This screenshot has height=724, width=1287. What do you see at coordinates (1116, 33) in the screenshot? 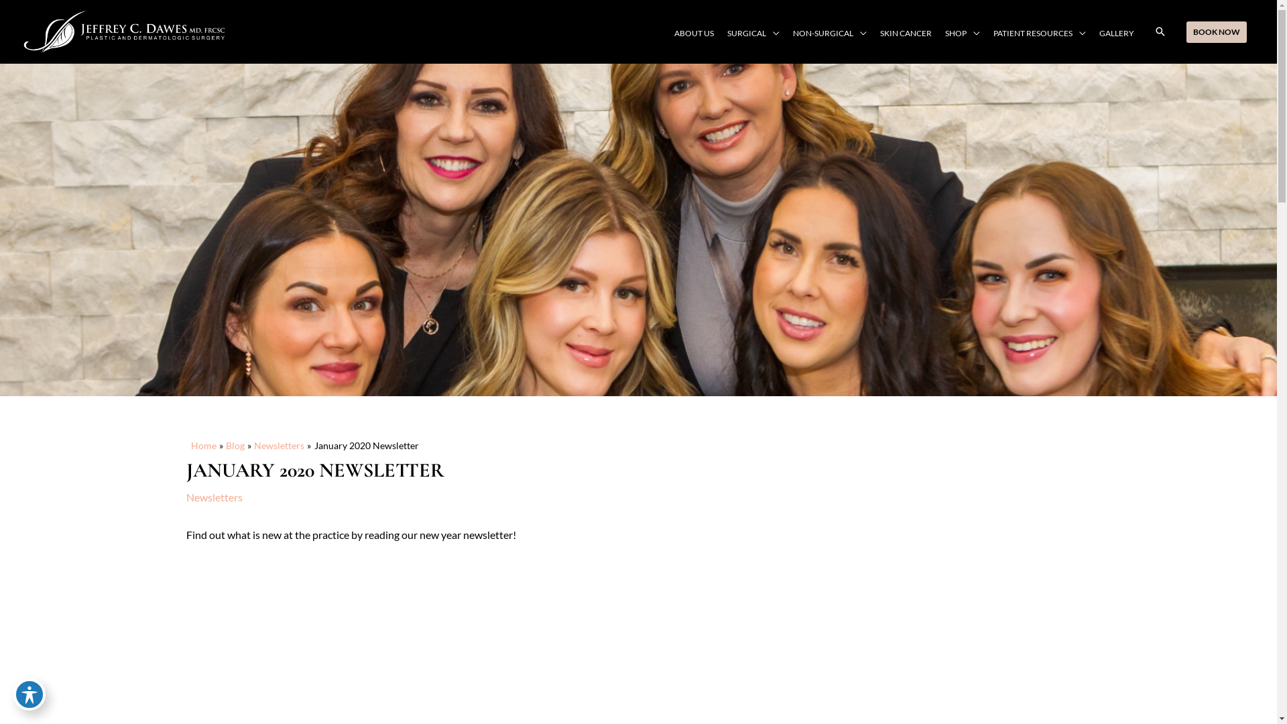
I see `'GALLERY'` at bounding box center [1116, 33].